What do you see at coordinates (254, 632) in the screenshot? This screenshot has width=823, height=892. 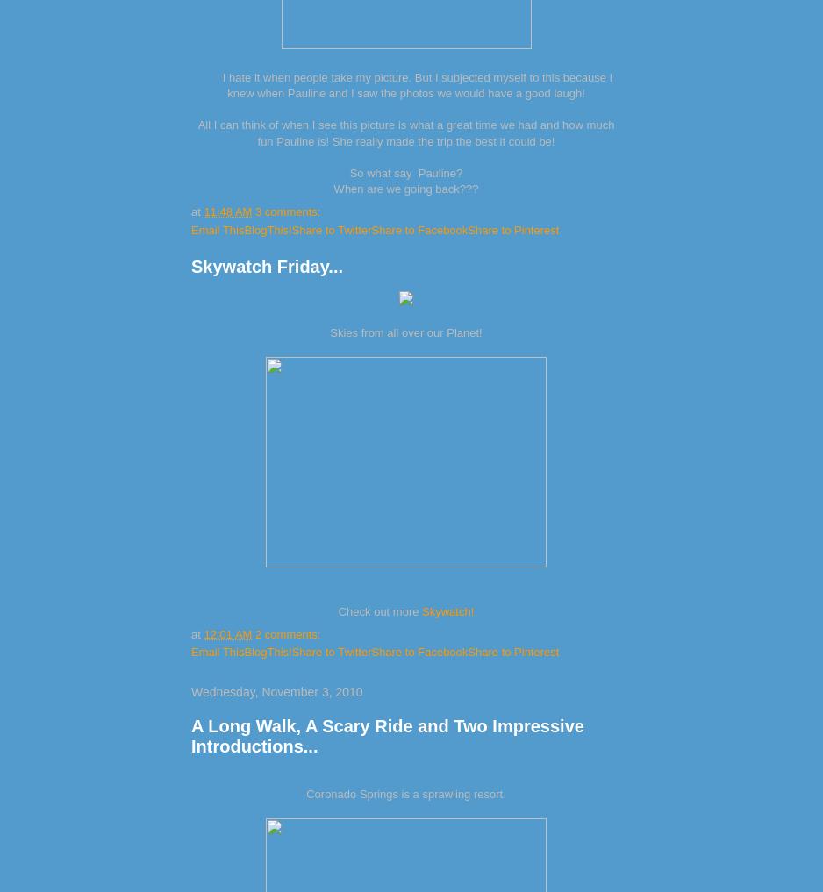 I see `'2 comments:'` at bounding box center [254, 632].